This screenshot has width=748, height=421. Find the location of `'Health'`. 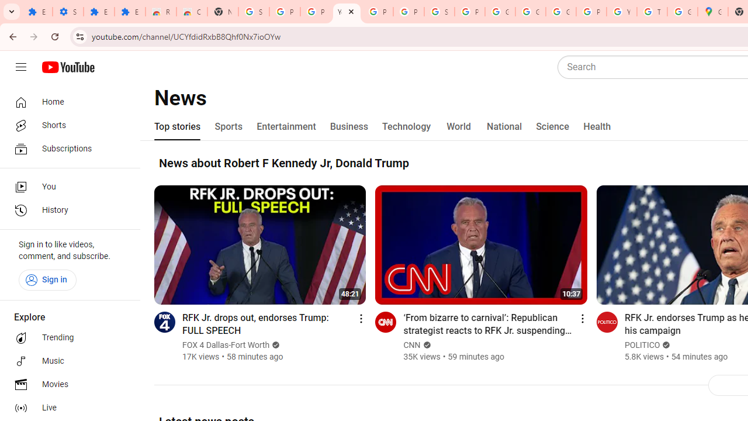

'Health' is located at coordinates (597, 127).